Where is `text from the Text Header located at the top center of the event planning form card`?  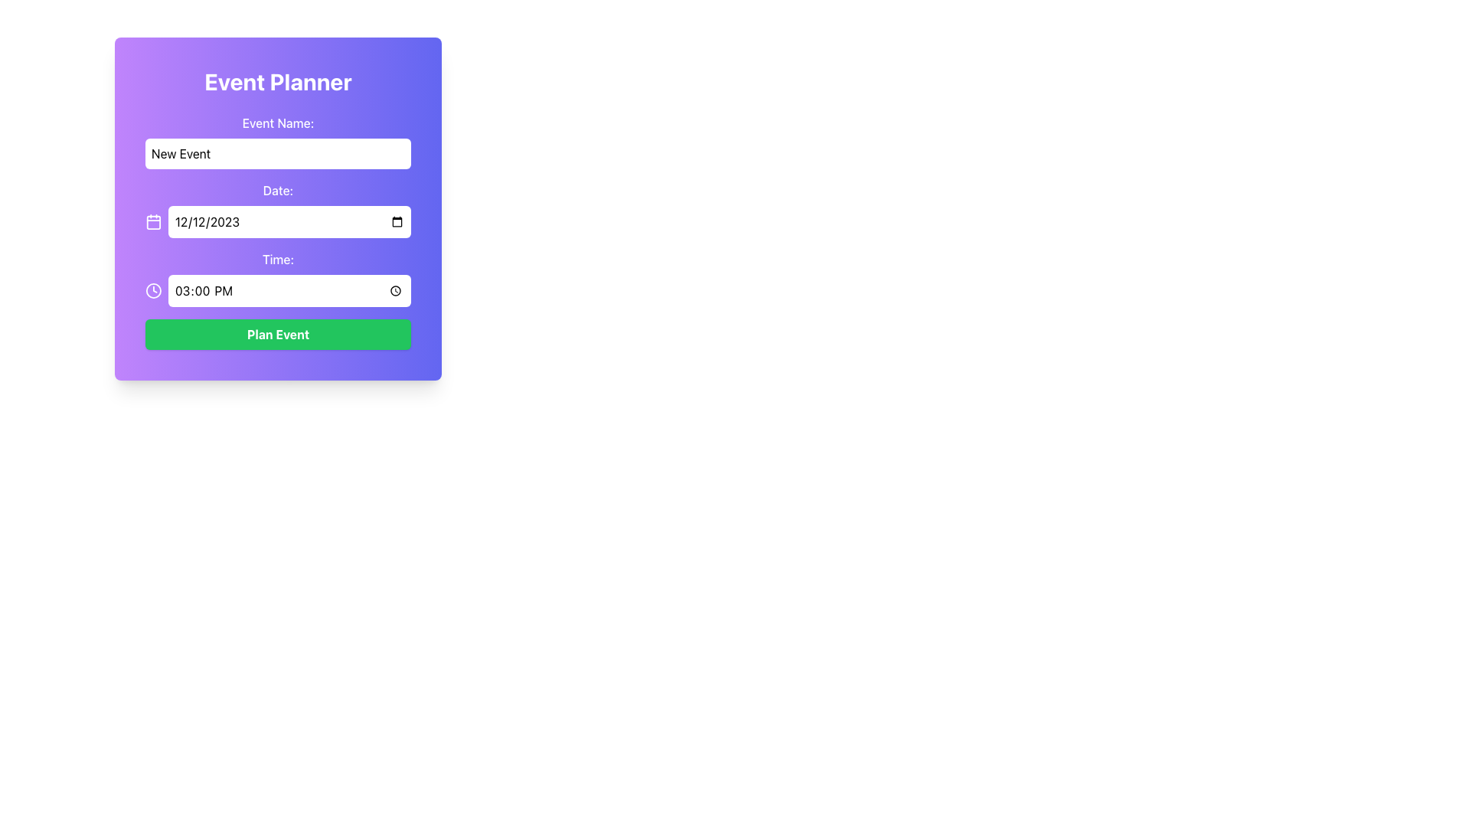 text from the Text Header located at the top center of the event planning form card is located at coordinates (278, 82).